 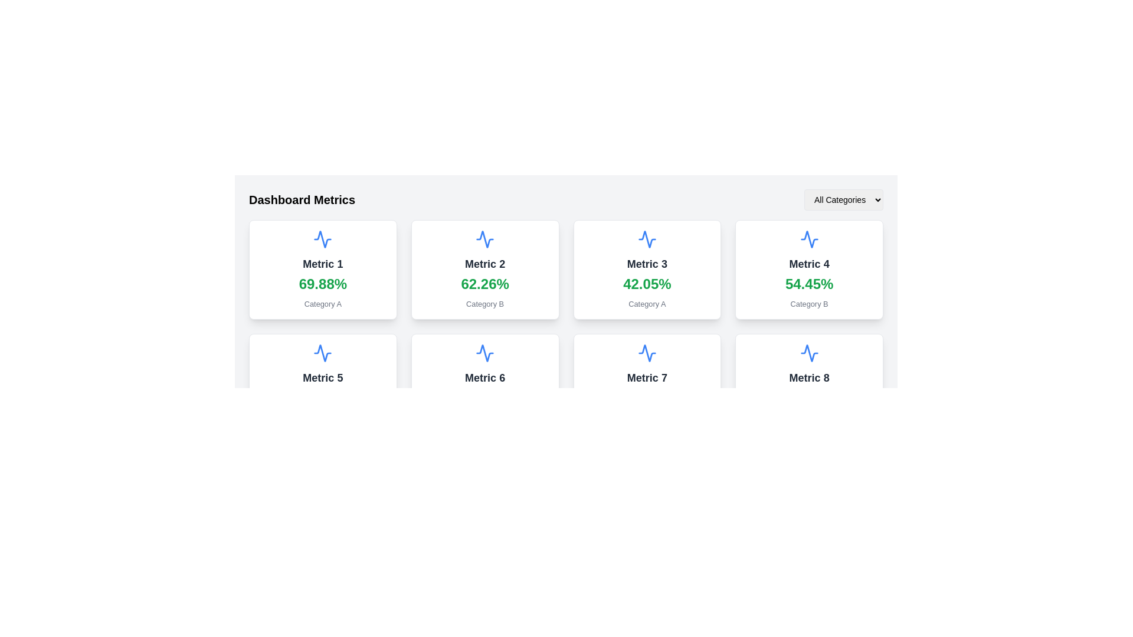 What do you see at coordinates (808, 303) in the screenshot?
I see `the text label displaying 'Category B', which is styled in muted gray and positioned directly below the numerical metric '54.45%' associated with 'Metric 4'` at bounding box center [808, 303].